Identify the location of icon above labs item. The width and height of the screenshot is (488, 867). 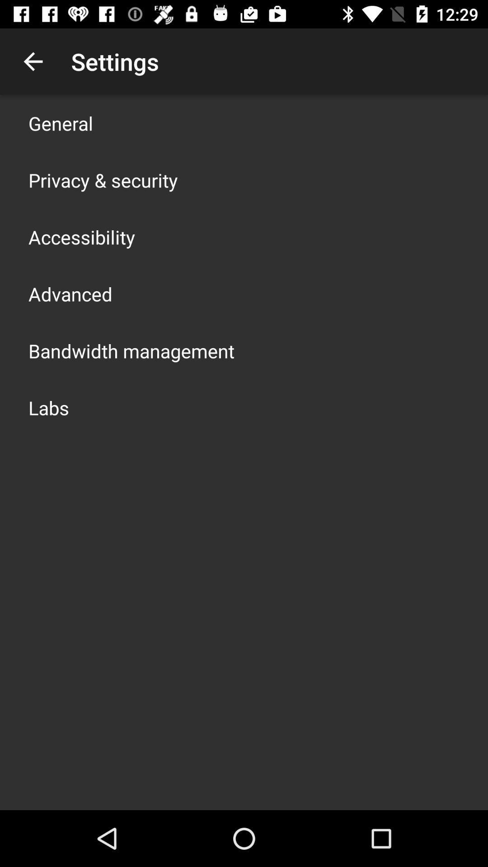
(131, 350).